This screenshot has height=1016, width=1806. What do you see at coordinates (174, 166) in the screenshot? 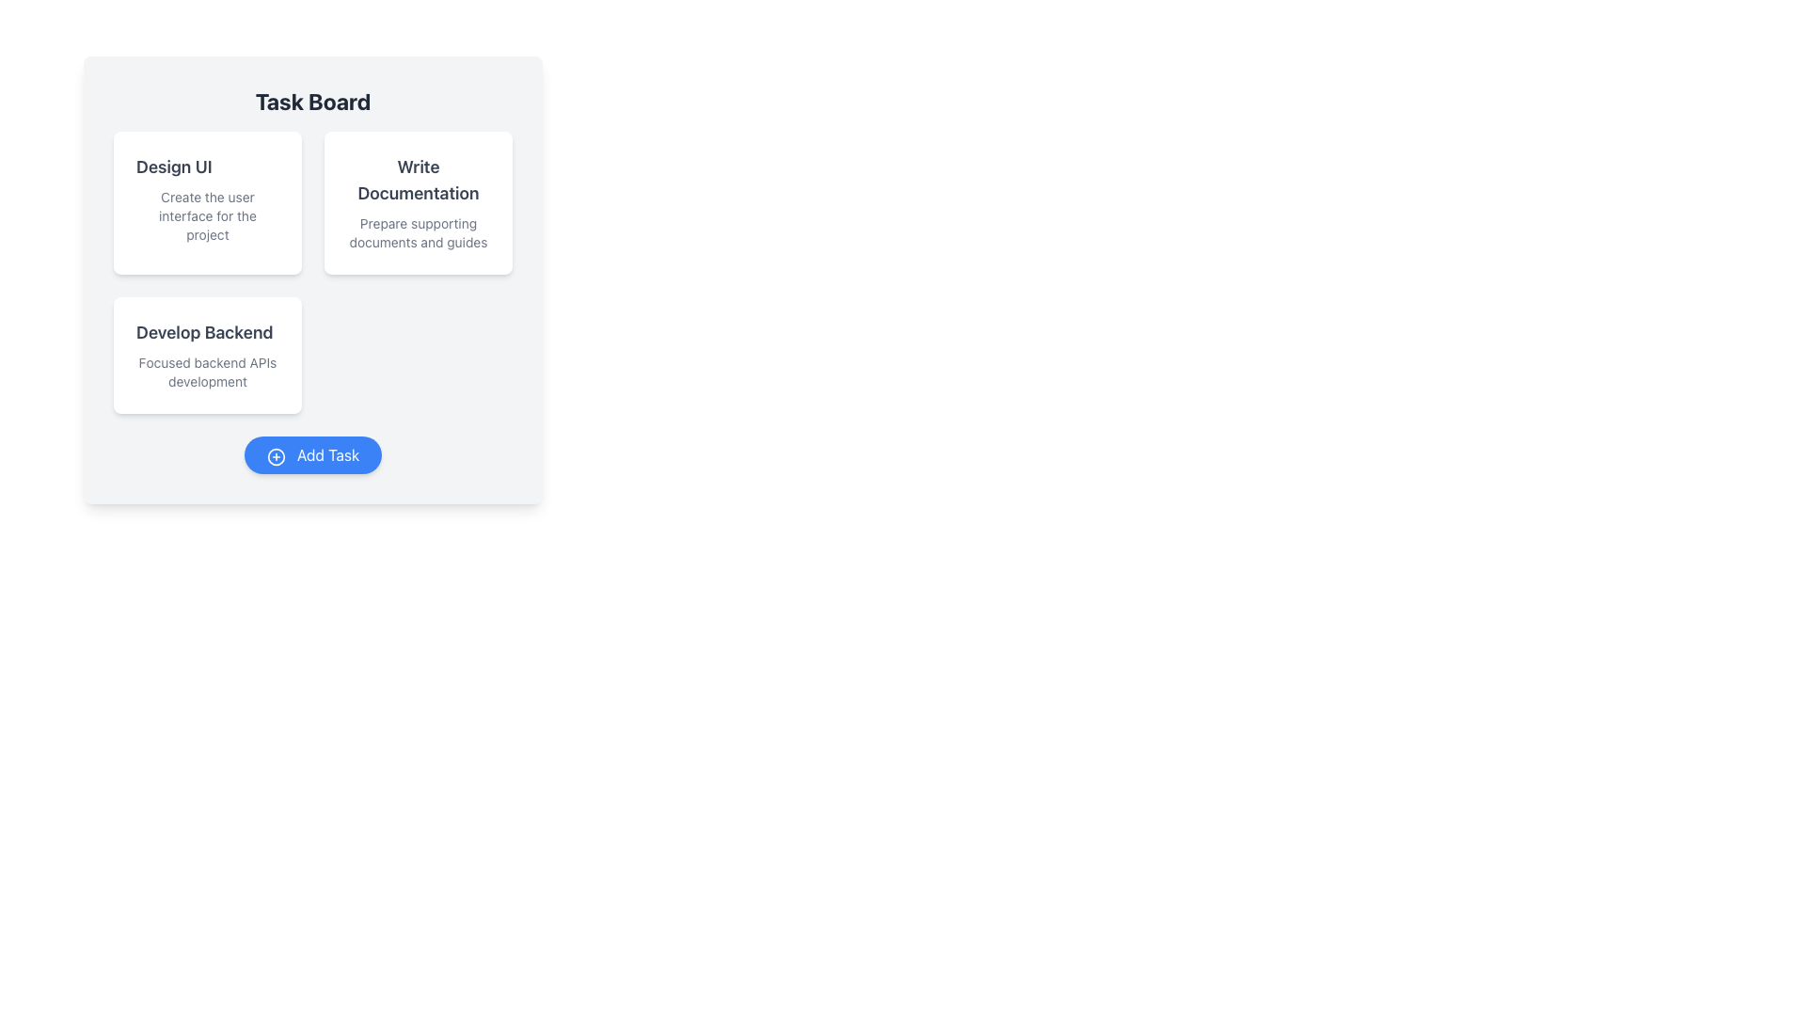
I see `text from the 'Design UI' label located at the top of the white card in the top-left corner of the grid` at bounding box center [174, 166].